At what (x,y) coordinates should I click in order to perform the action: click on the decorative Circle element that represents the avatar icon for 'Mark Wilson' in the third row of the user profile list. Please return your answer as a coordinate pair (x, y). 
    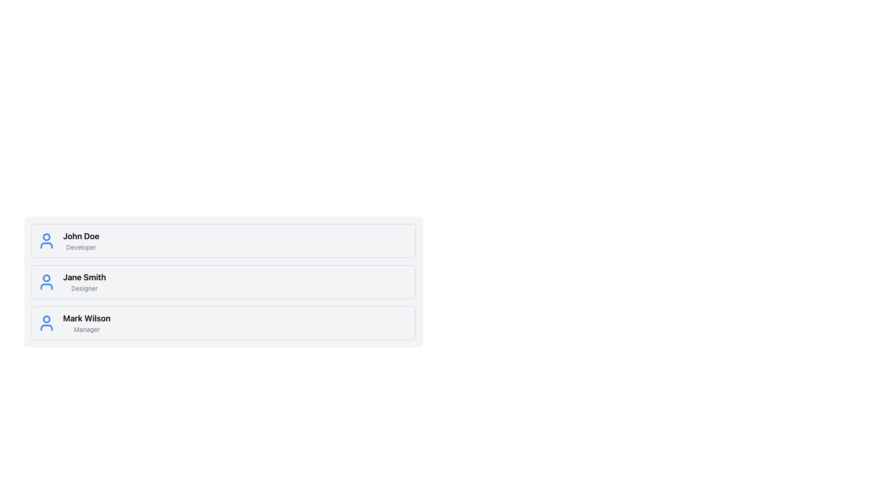
    Looking at the image, I should click on (46, 318).